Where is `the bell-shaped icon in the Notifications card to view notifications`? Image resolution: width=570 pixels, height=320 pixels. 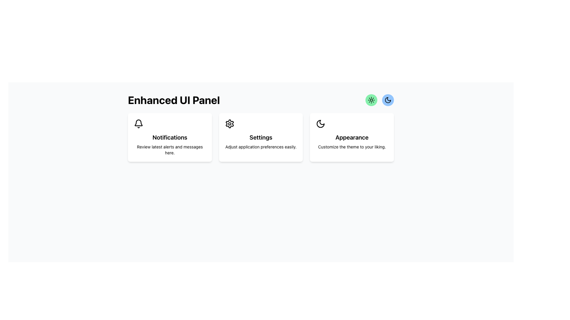
the bell-shaped icon in the Notifications card to view notifications is located at coordinates (138, 123).